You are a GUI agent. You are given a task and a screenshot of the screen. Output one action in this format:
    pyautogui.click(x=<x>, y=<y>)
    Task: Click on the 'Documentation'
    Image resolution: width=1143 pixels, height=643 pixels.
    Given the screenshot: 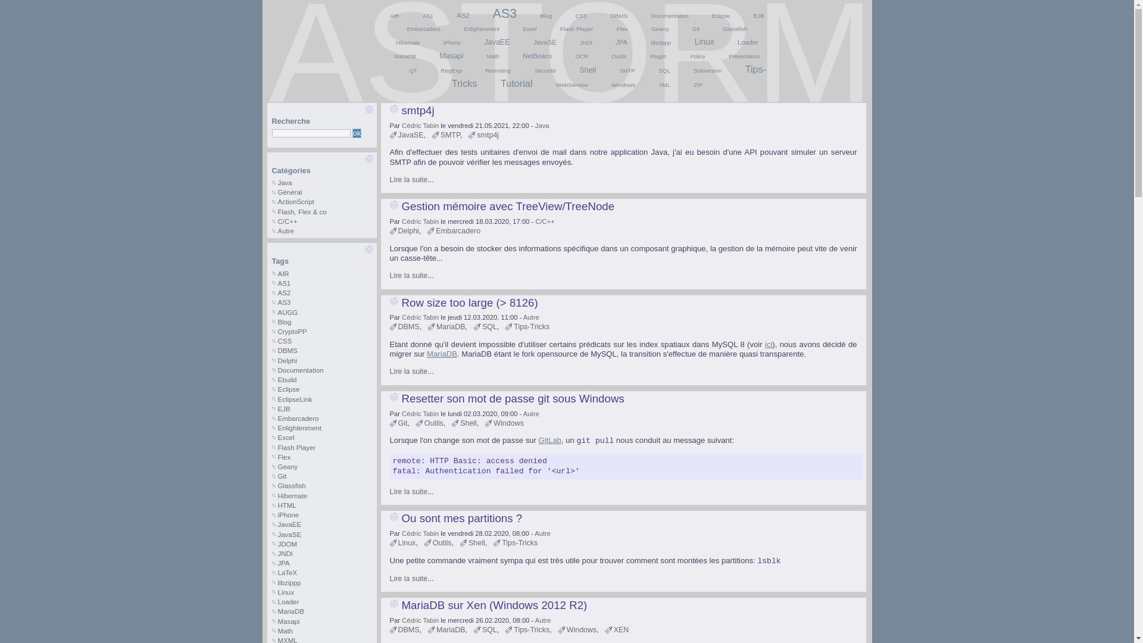 What is the action you would take?
    pyautogui.click(x=300, y=369)
    